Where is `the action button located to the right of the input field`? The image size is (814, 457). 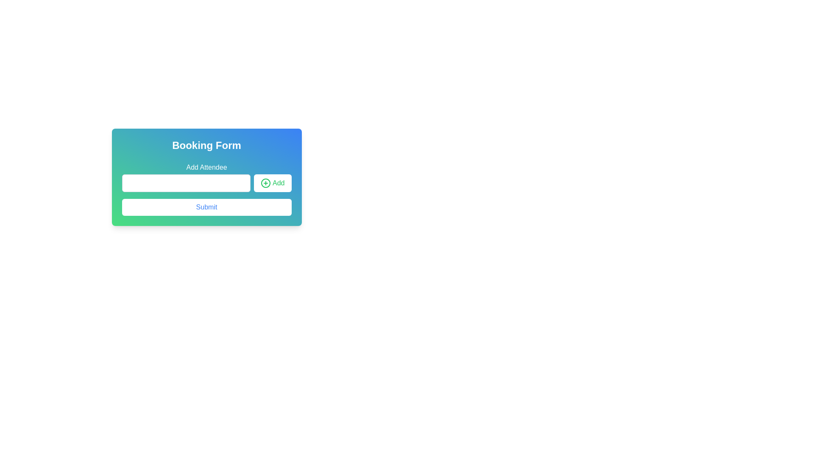
the action button located to the right of the input field is located at coordinates (273, 182).